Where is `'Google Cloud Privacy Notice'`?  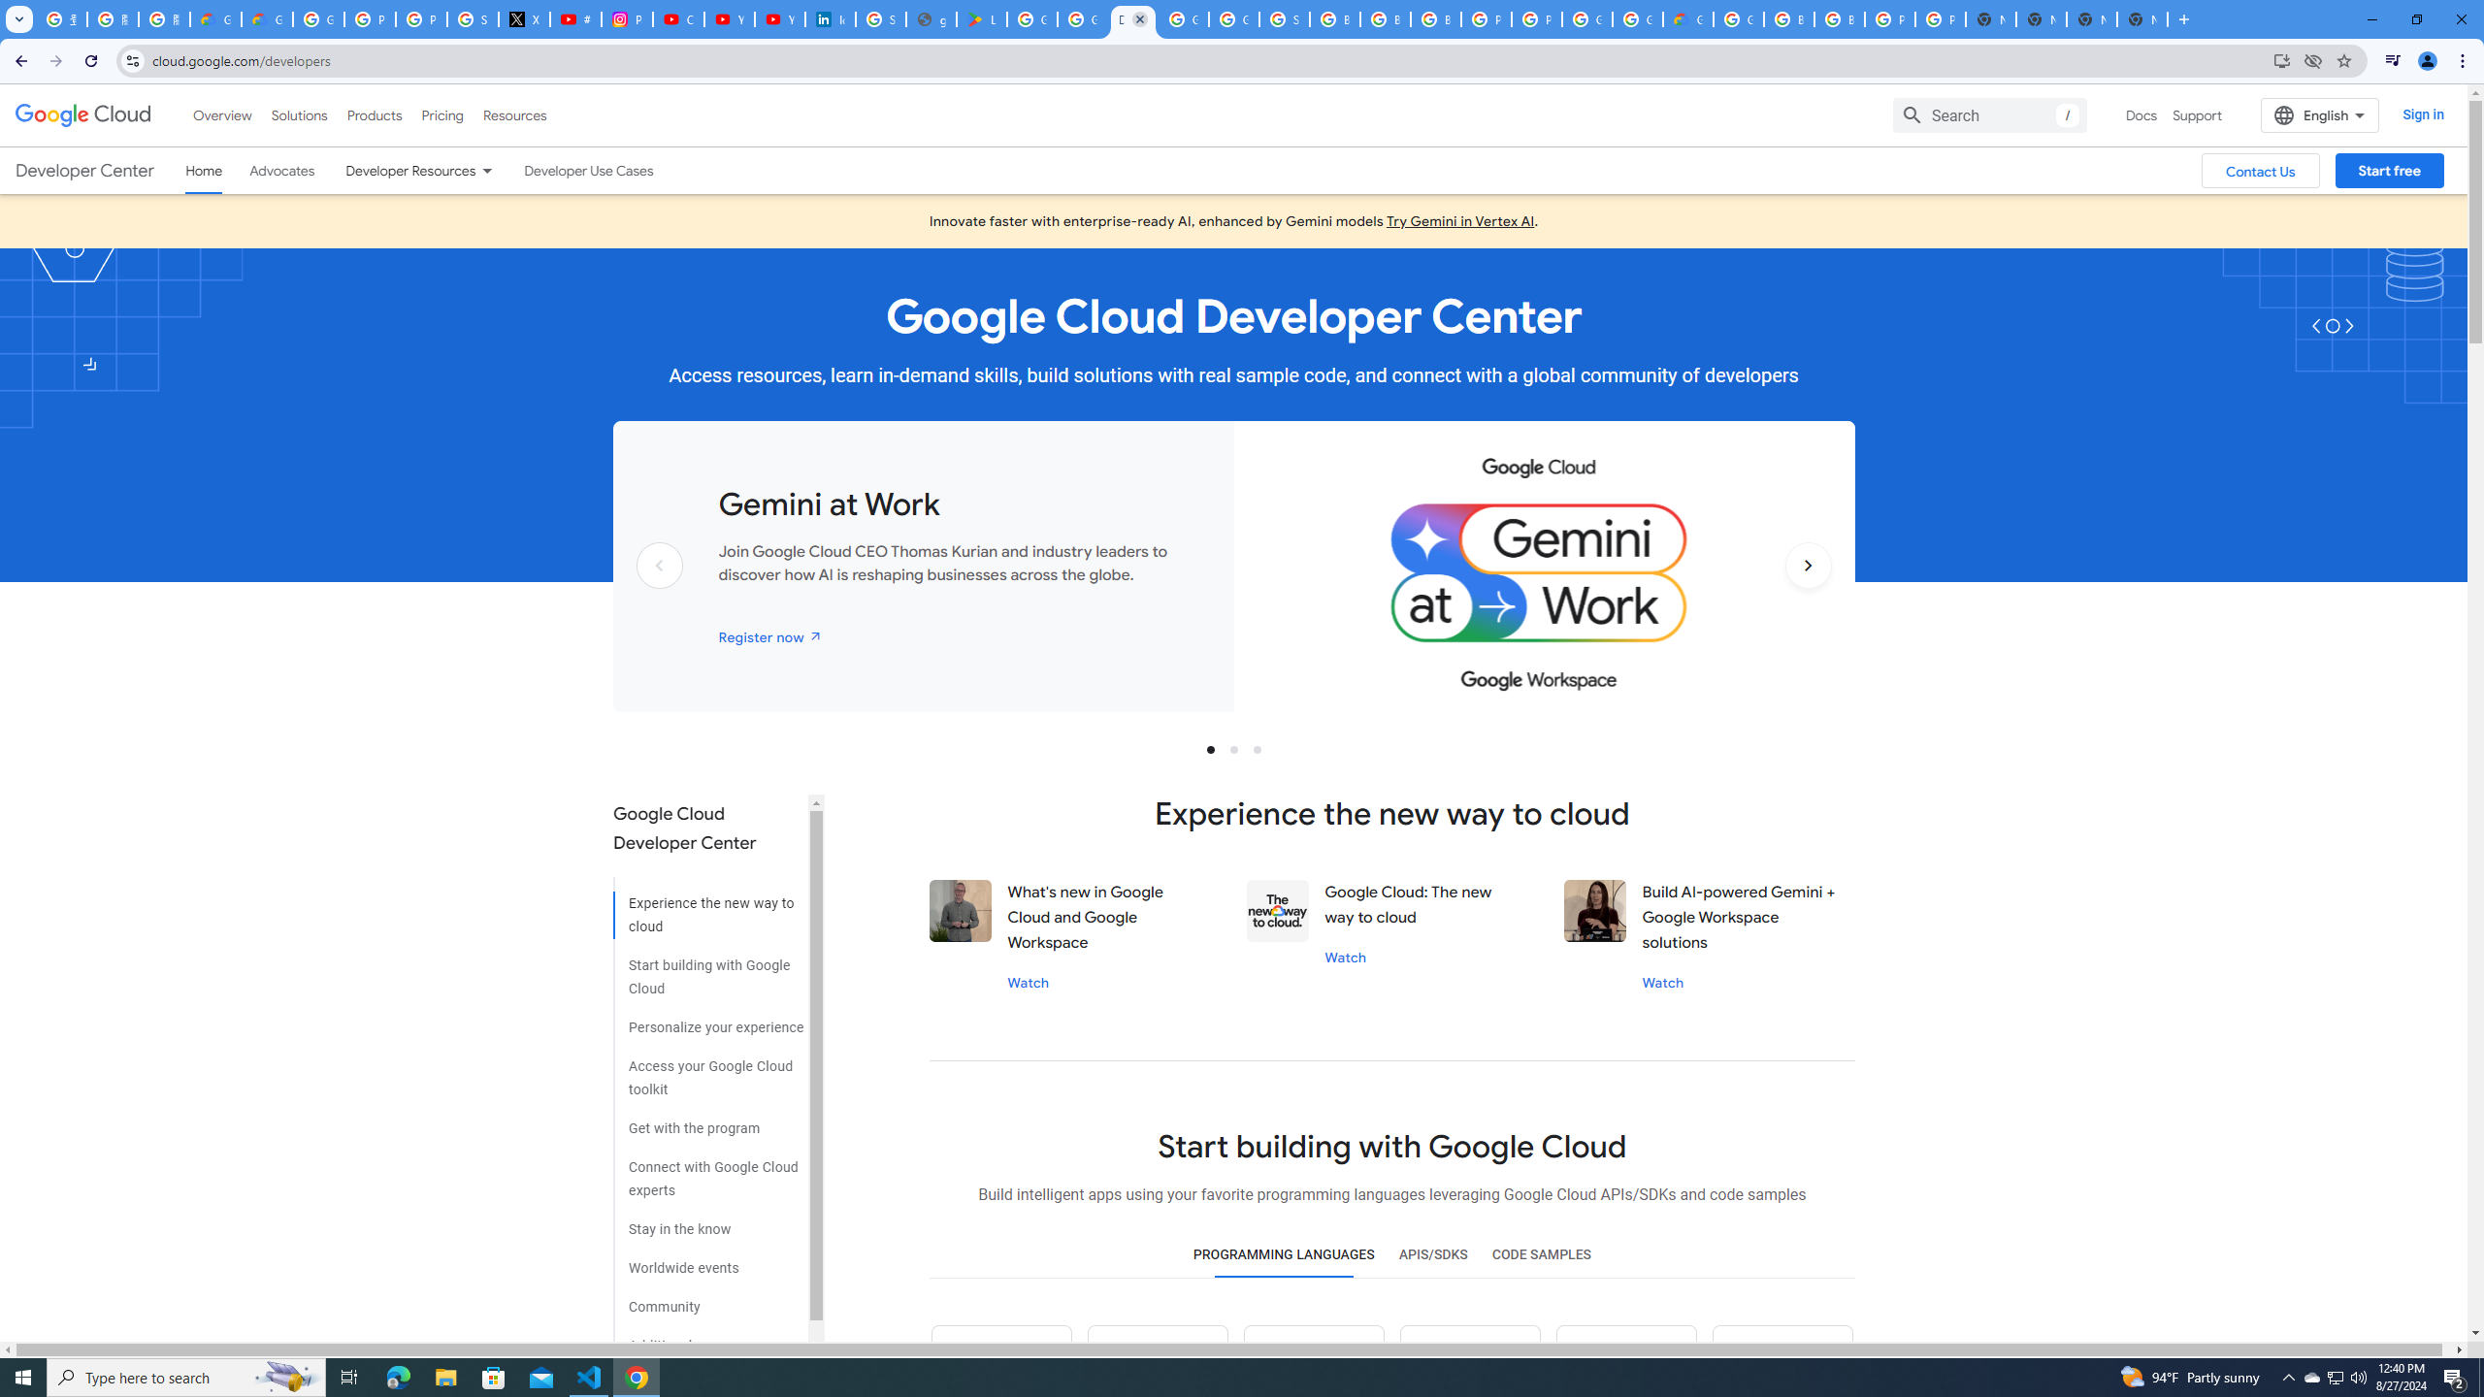 'Google Cloud Privacy Notice' is located at coordinates (266, 18).